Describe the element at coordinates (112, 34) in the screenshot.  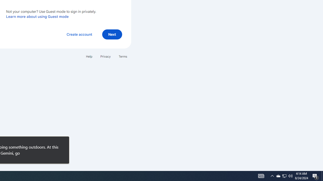
I see `'Next'` at that location.